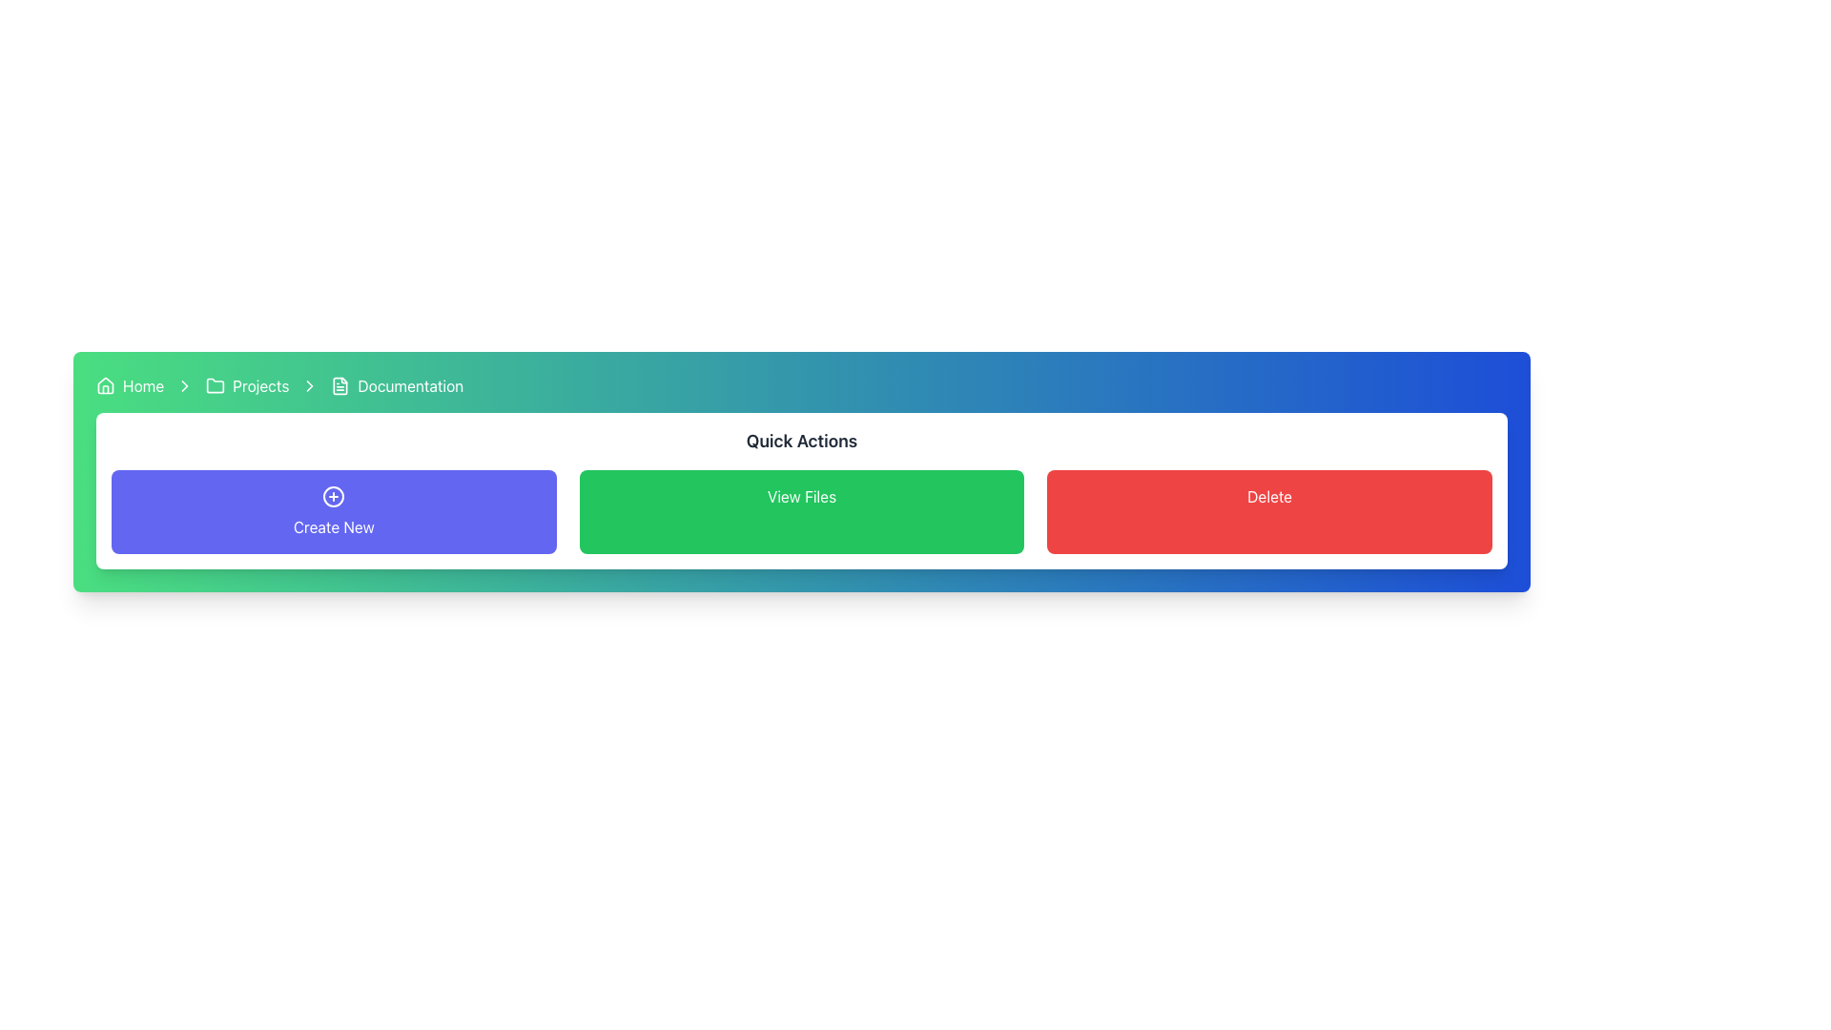  I want to click on the first button in a row of three positioned on the left side, so click(334, 510).